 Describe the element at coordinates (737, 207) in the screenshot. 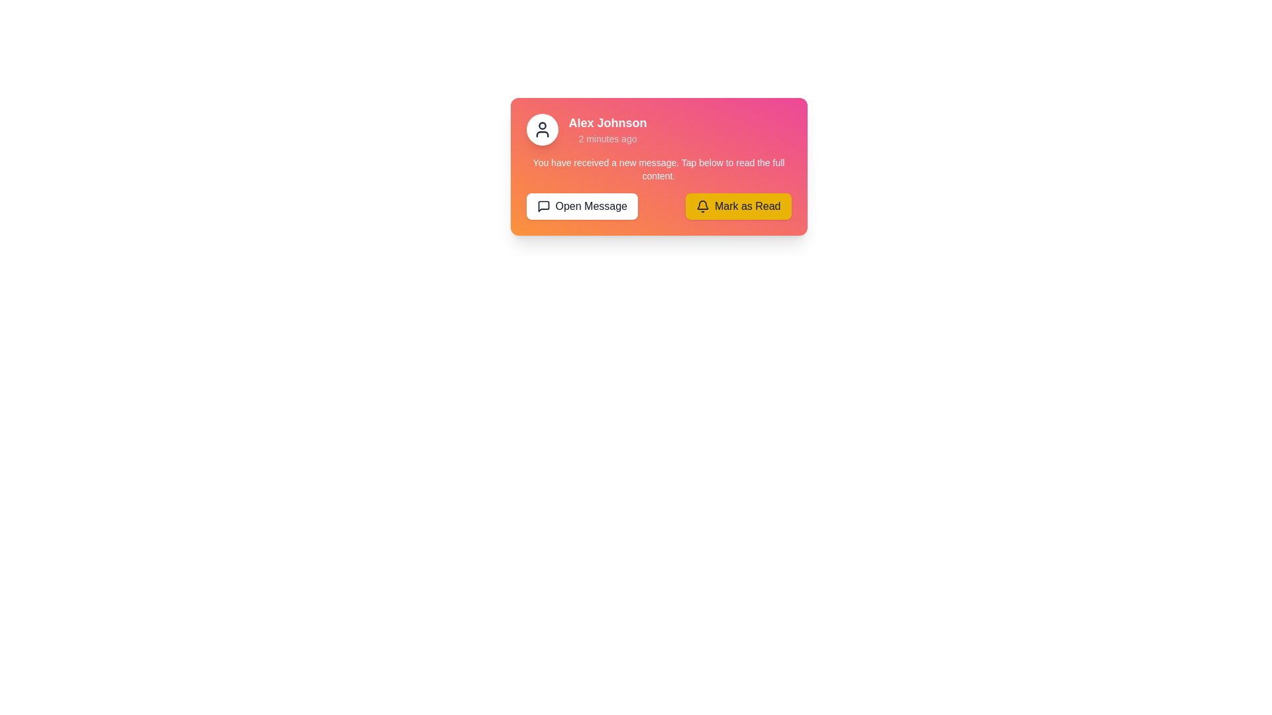

I see `the yellow 'Mark as Read' button with rounded corners featuring a bell icon and bold text` at that location.